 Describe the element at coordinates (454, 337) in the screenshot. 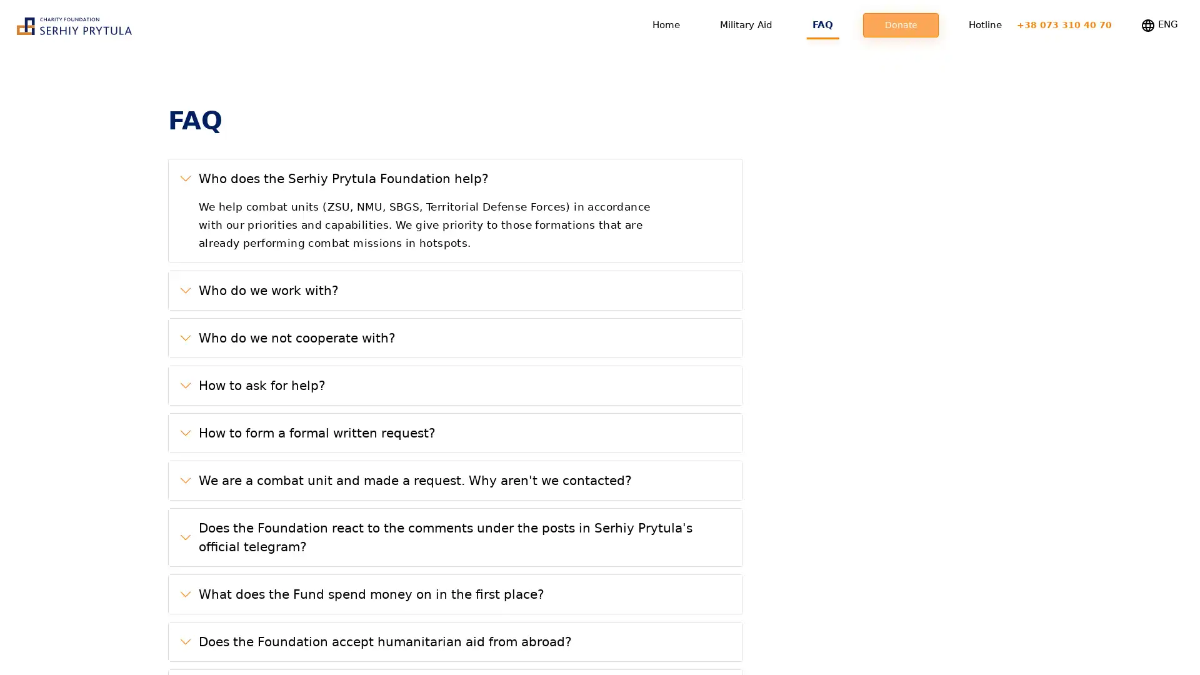

I see `Who do we not cooperate with?` at that location.